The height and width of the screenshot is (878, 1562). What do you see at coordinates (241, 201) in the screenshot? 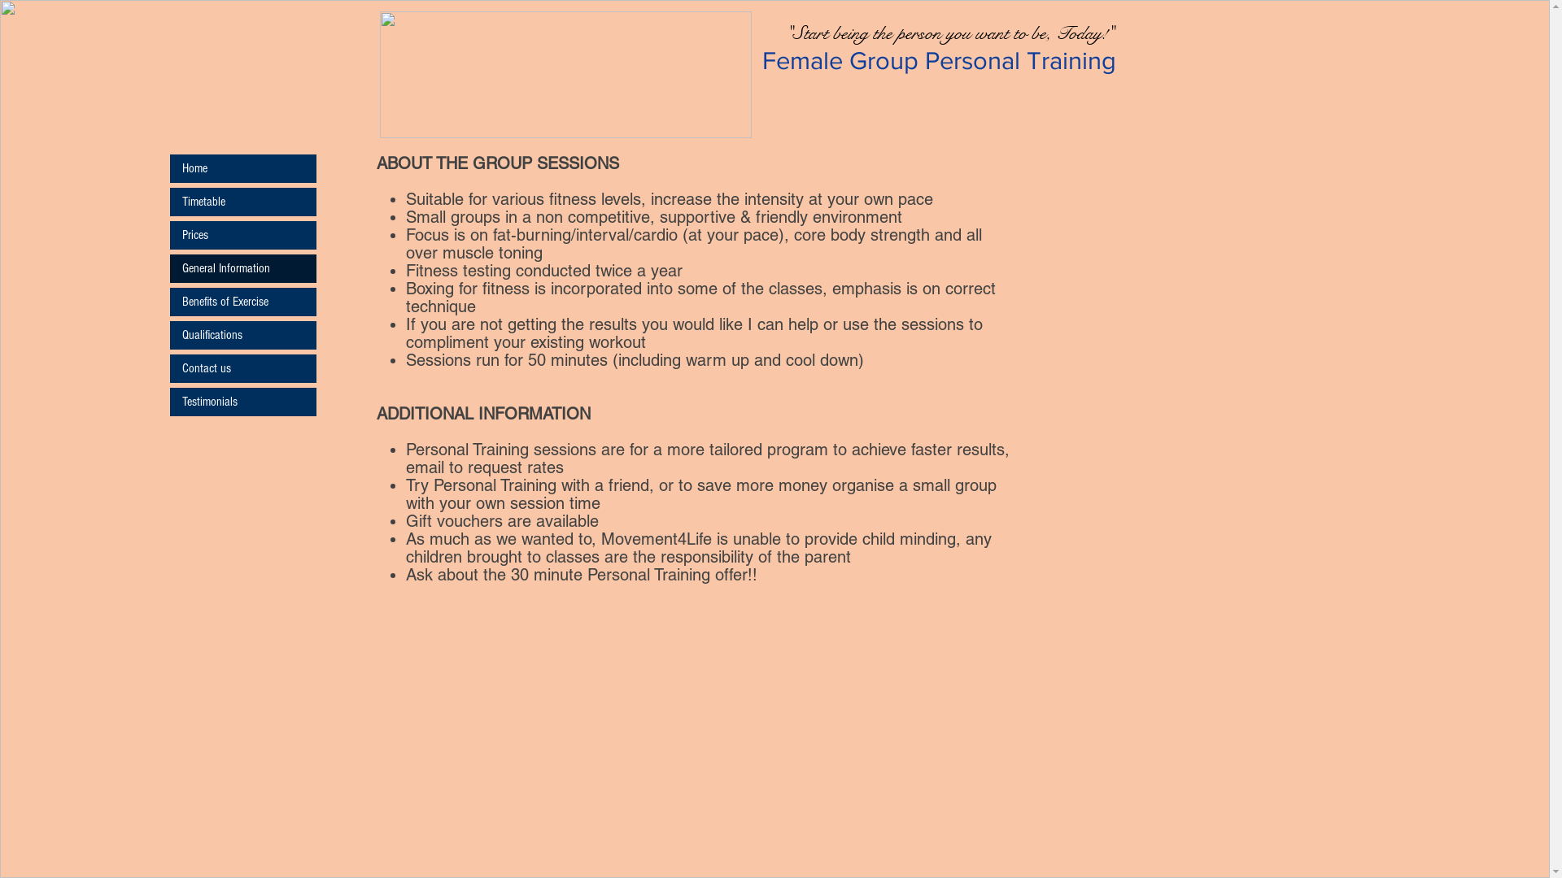
I see `'Timetable'` at bounding box center [241, 201].